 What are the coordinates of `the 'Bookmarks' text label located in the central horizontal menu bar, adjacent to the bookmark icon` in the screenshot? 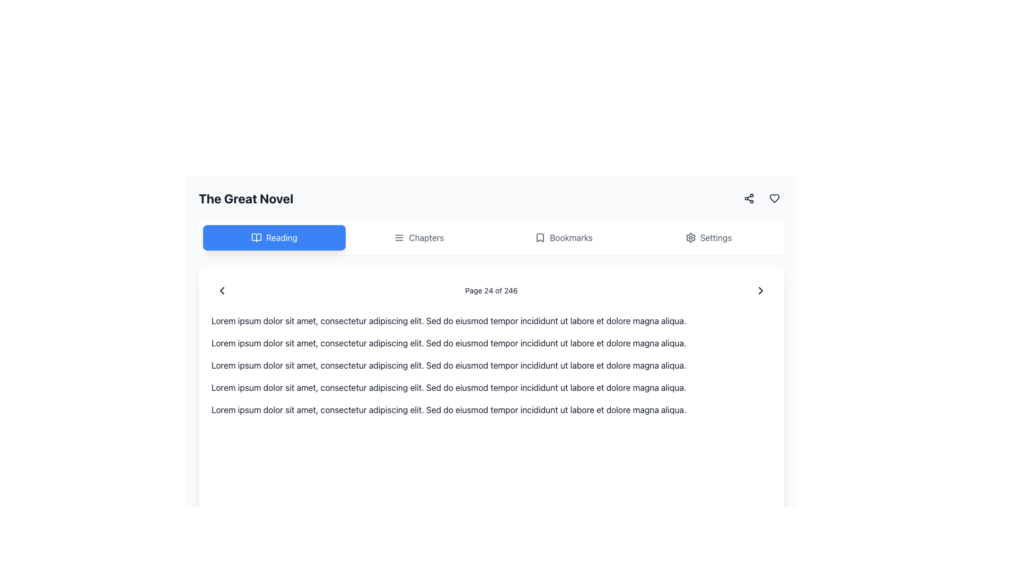 It's located at (571, 237).